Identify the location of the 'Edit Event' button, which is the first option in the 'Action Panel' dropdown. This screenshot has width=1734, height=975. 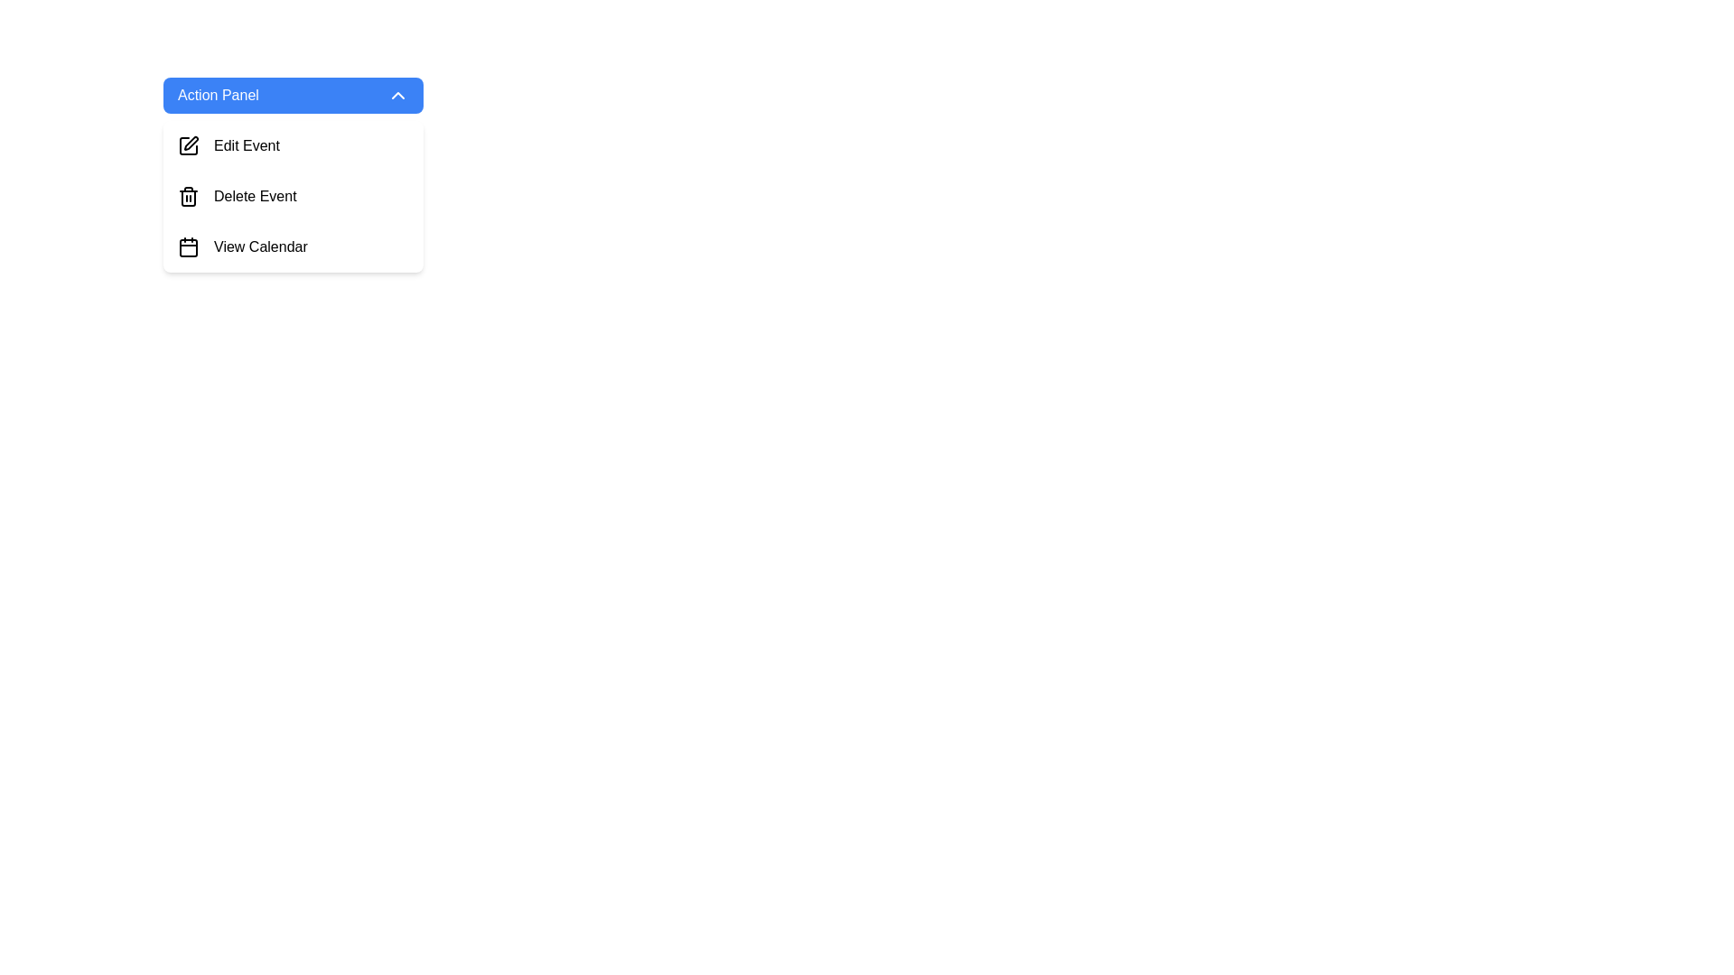
(294, 145).